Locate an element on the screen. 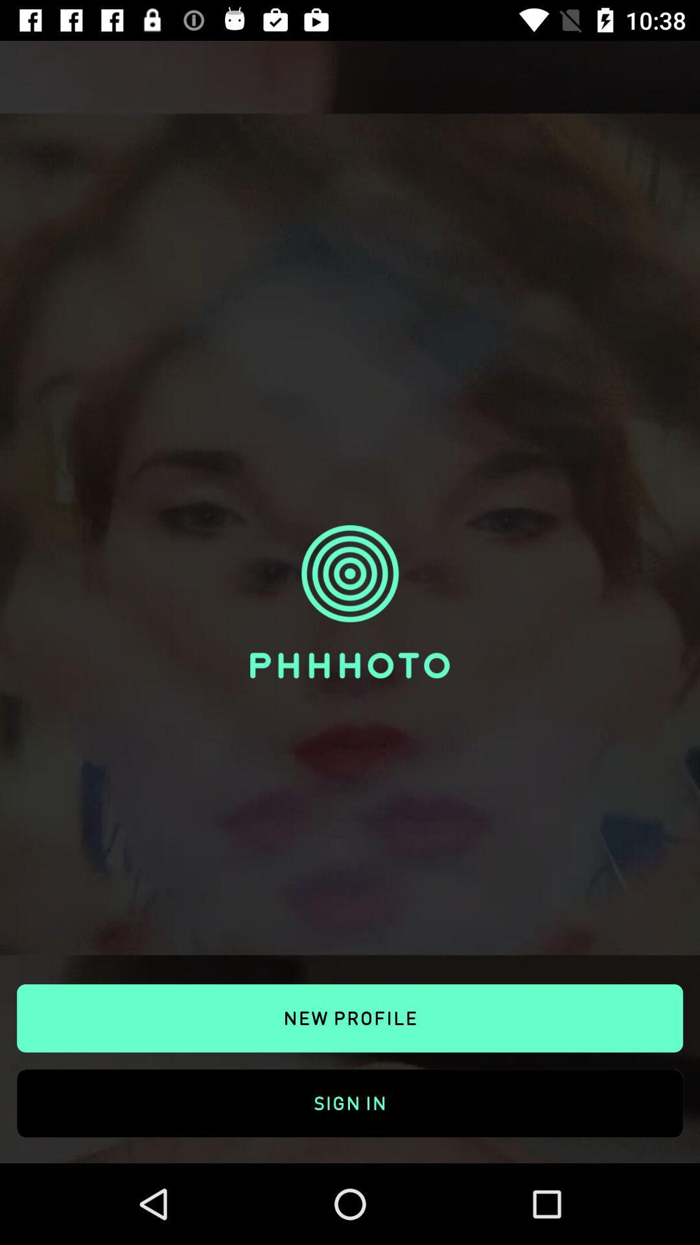  sign in is located at coordinates (350, 1089).